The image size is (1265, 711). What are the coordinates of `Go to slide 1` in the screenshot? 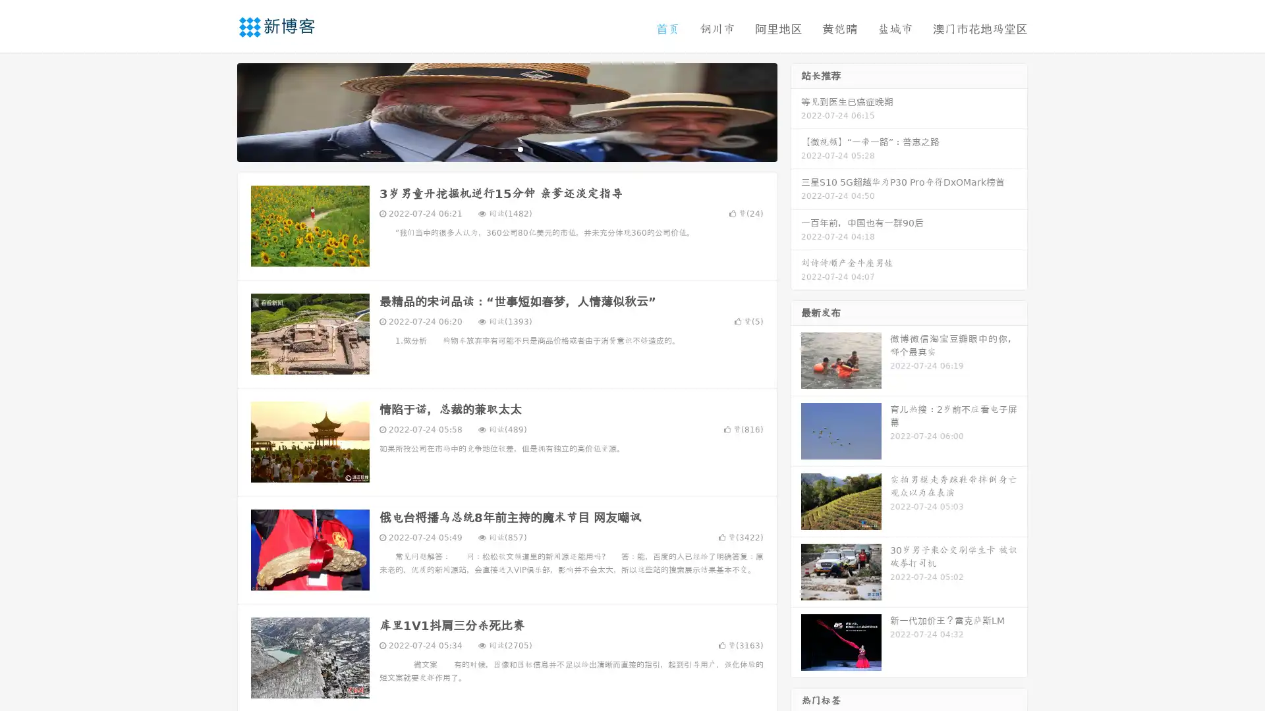 It's located at (493, 148).